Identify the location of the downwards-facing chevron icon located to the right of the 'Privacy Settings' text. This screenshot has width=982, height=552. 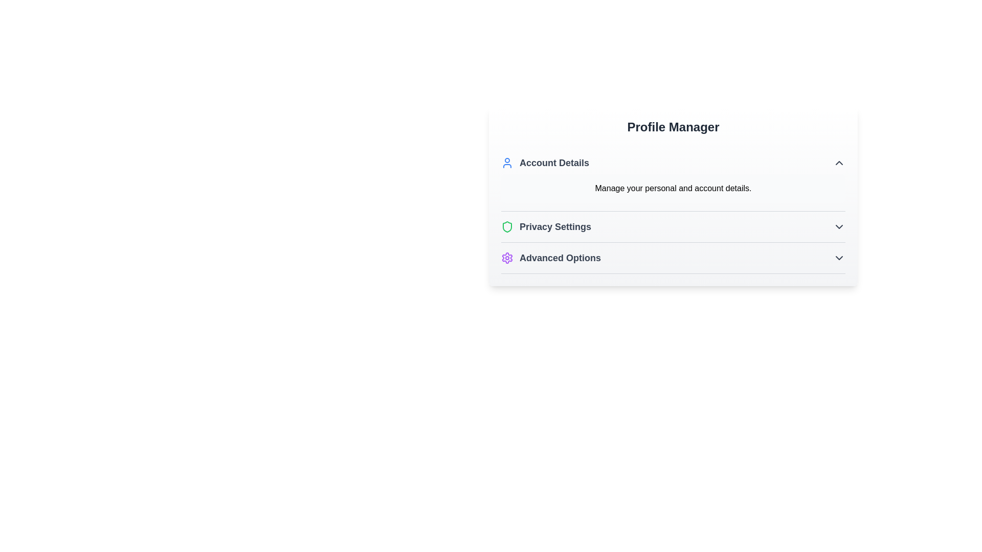
(839, 226).